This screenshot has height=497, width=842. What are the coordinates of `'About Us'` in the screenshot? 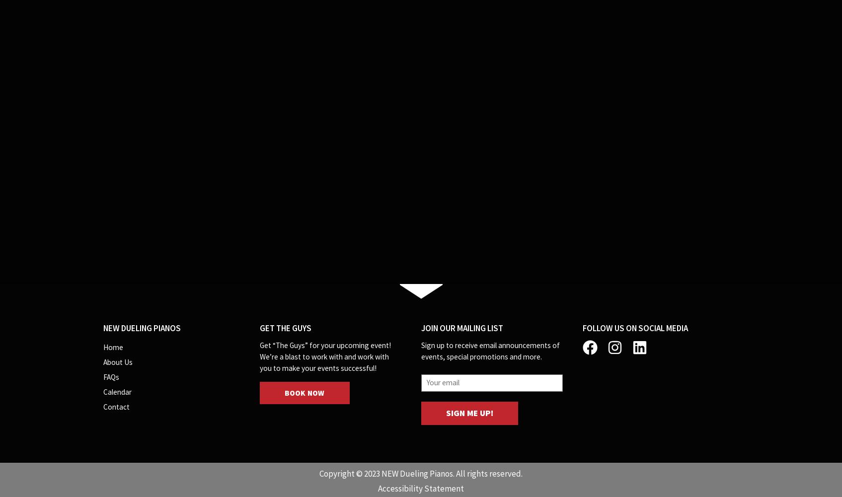 It's located at (102, 362).